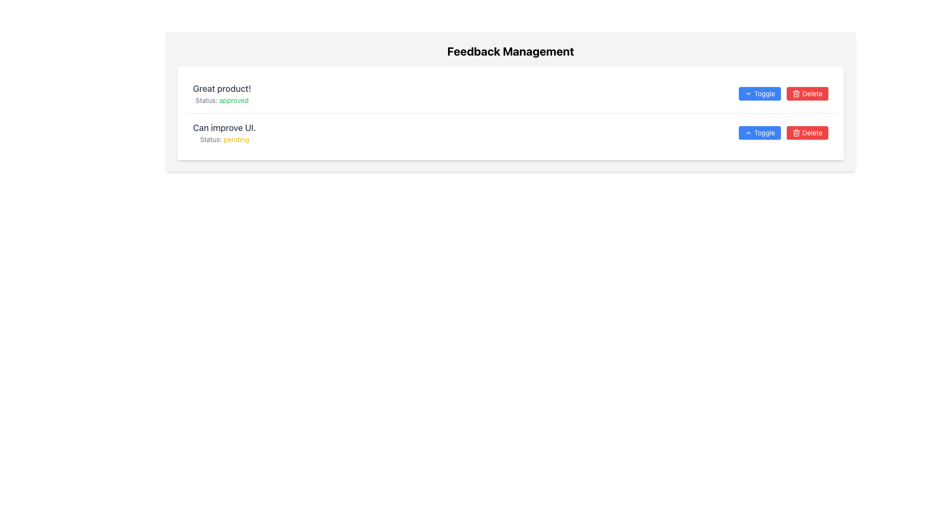  Describe the element at coordinates (224, 140) in the screenshot. I see `status information from the Text Label located below the text 'Can improve UI.' and aligned to the left within the feedback entry card` at that location.